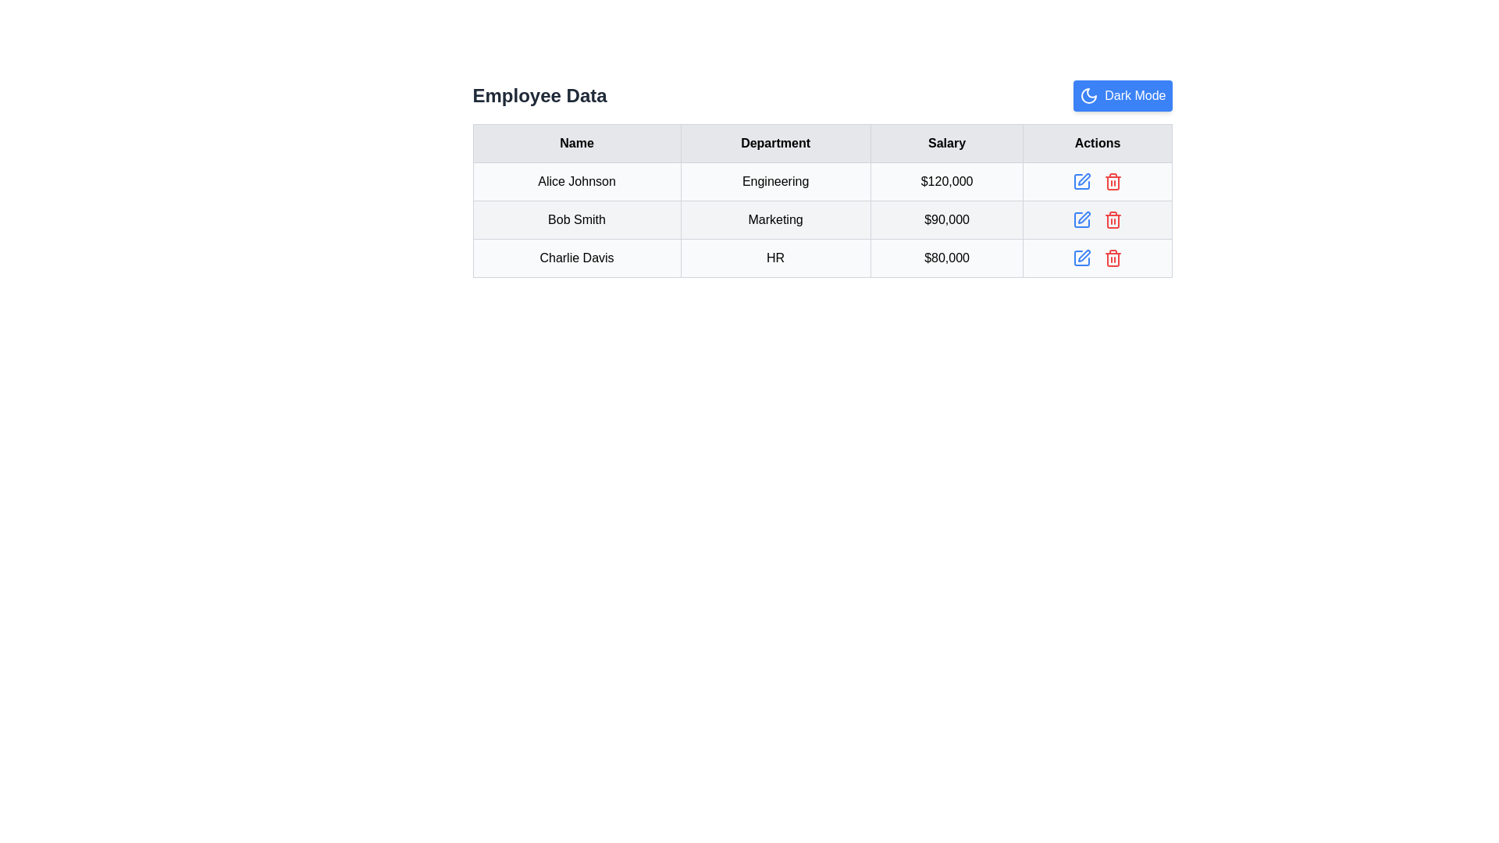 The image size is (1499, 843). What do you see at coordinates (775, 144) in the screenshot?
I see `the Table Header Cell containing the bold, centered text 'Department' with a light gray background, which is the second cell in the header row of the table` at bounding box center [775, 144].